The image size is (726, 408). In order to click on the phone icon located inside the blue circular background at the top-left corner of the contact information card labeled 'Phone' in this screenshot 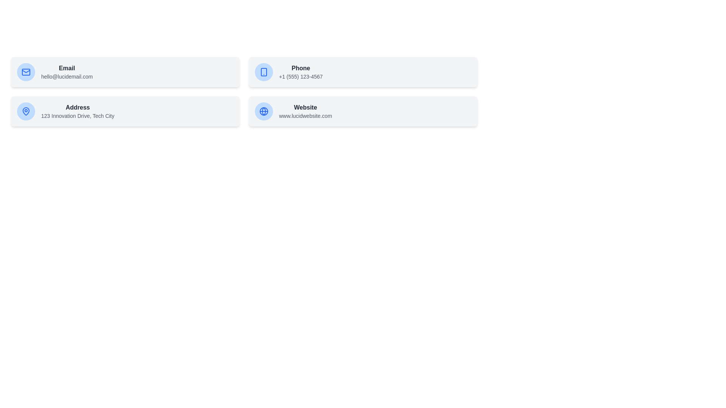, I will do `click(264, 72)`.